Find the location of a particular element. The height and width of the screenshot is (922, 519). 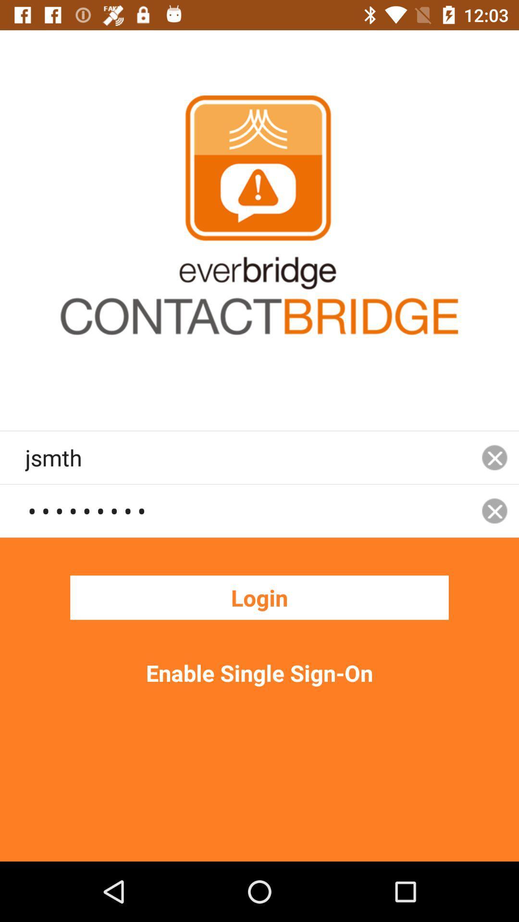

item next to the jsmth is located at coordinates (494, 510).